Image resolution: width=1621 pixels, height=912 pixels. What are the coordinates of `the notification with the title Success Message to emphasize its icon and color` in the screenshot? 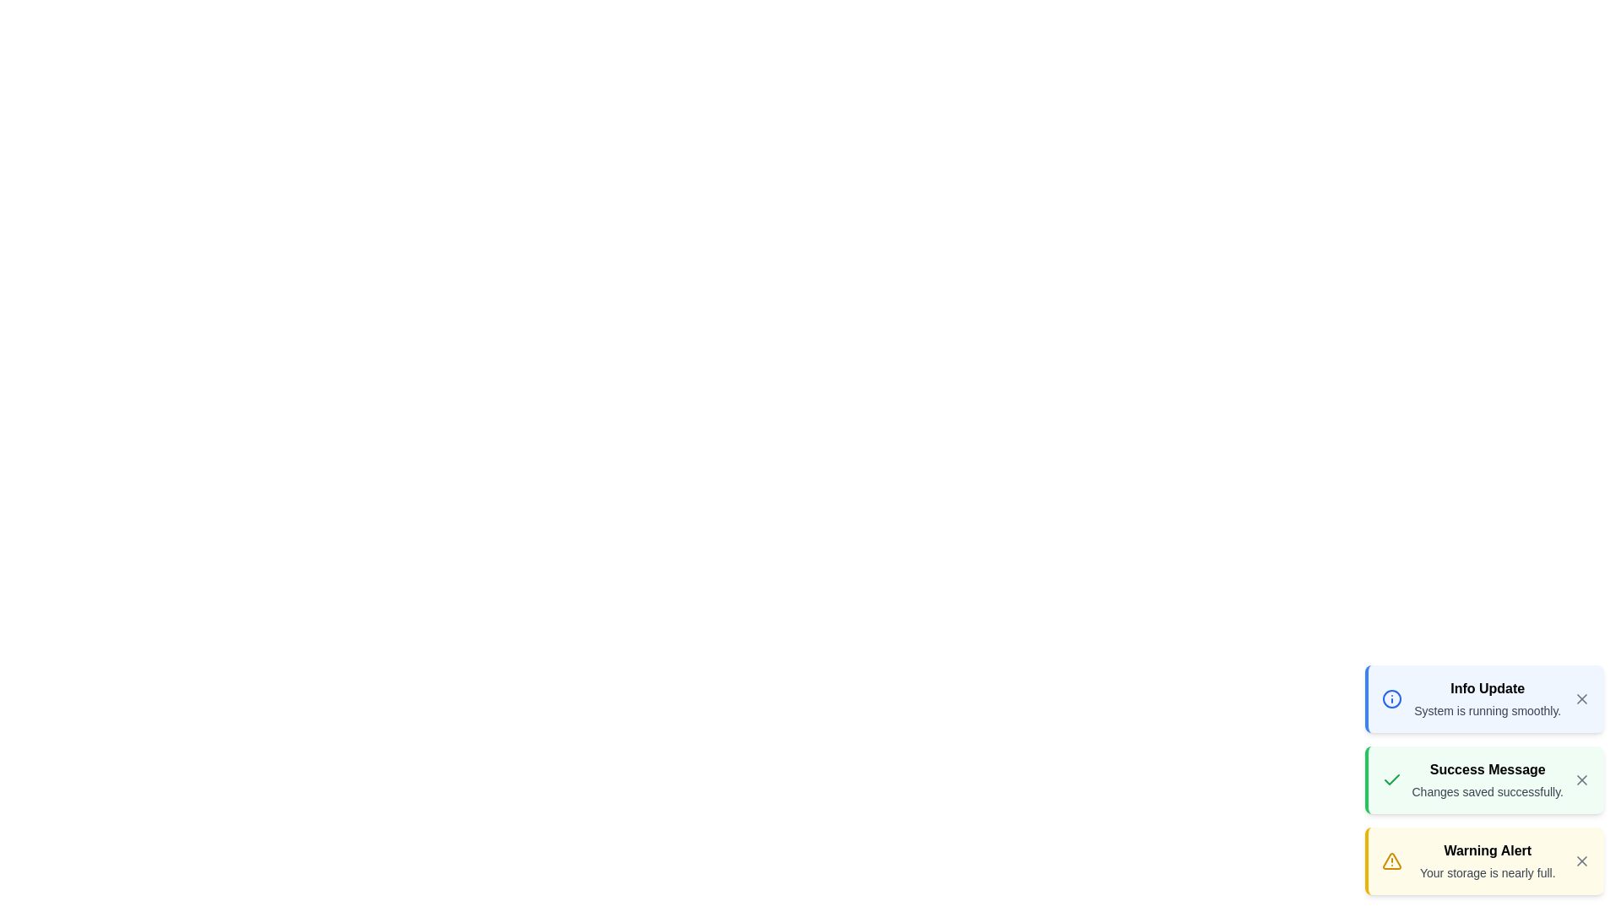 It's located at (1483, 780).